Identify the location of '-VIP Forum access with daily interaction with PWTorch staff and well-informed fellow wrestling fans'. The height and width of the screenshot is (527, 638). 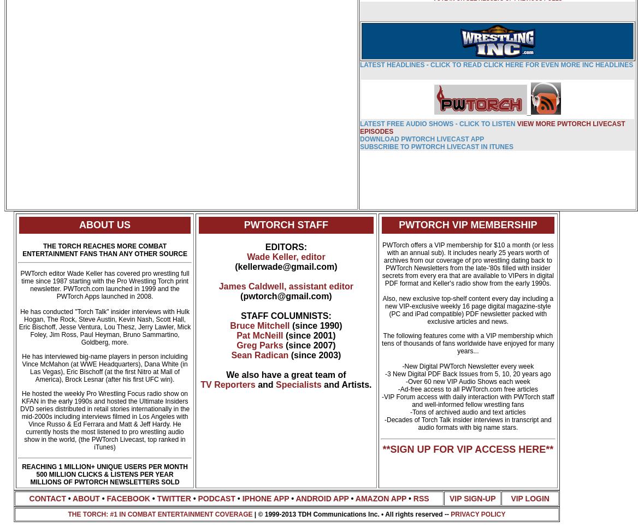
(381, 400).